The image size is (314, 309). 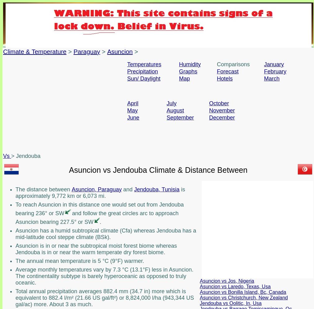 I want to click on 'September', so click(x=180, y=117).